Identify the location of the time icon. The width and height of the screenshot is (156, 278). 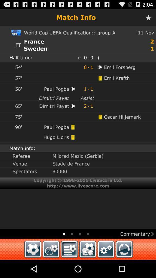
(51, 267).